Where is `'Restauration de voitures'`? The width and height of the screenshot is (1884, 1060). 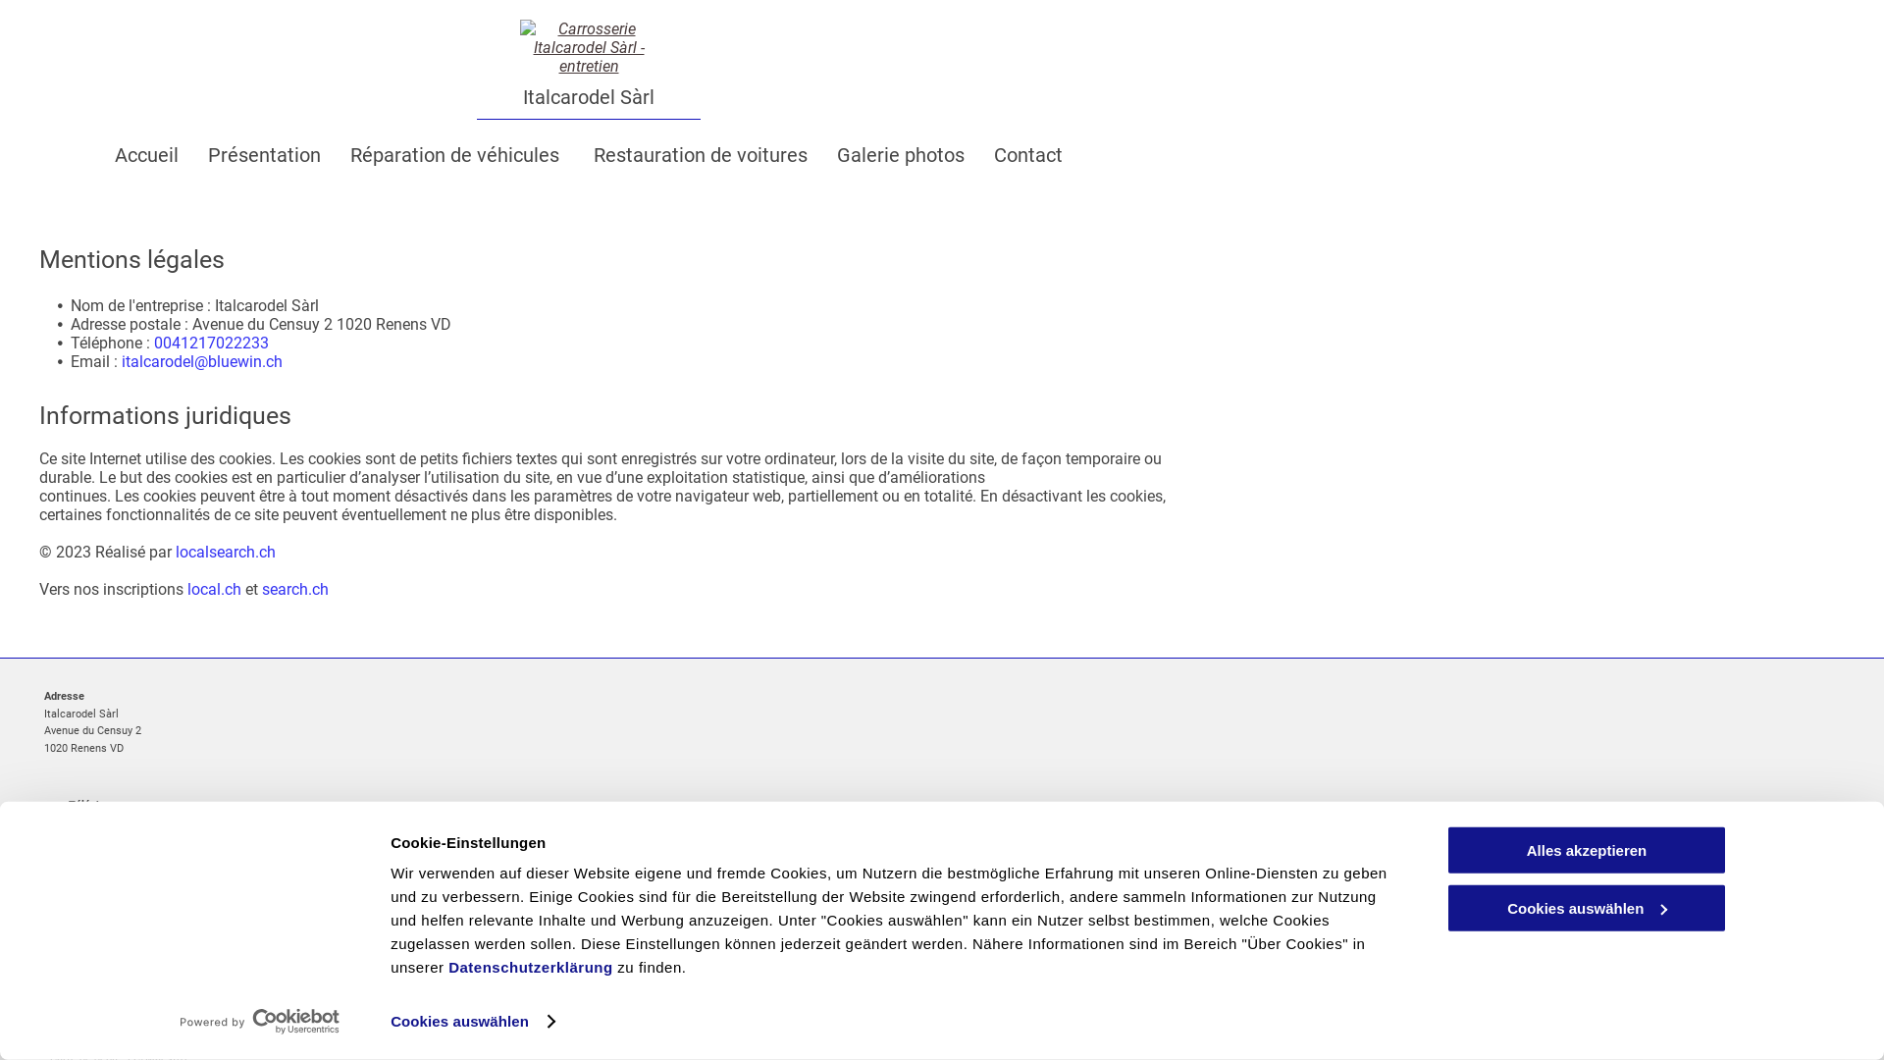 'Restauration de voitures' is located at coordinates (592, 149).